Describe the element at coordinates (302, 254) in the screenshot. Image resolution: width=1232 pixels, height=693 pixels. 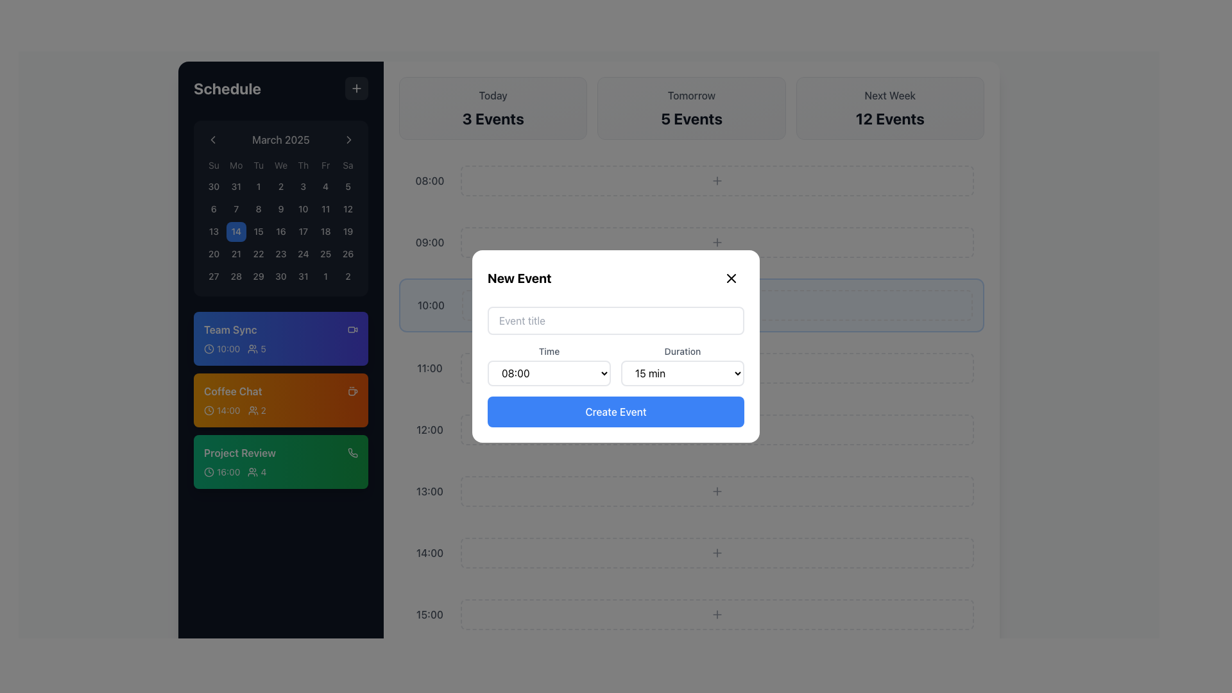
I see `the clickable date block displaying the number '24' in the March 2025 calendar` at that location.